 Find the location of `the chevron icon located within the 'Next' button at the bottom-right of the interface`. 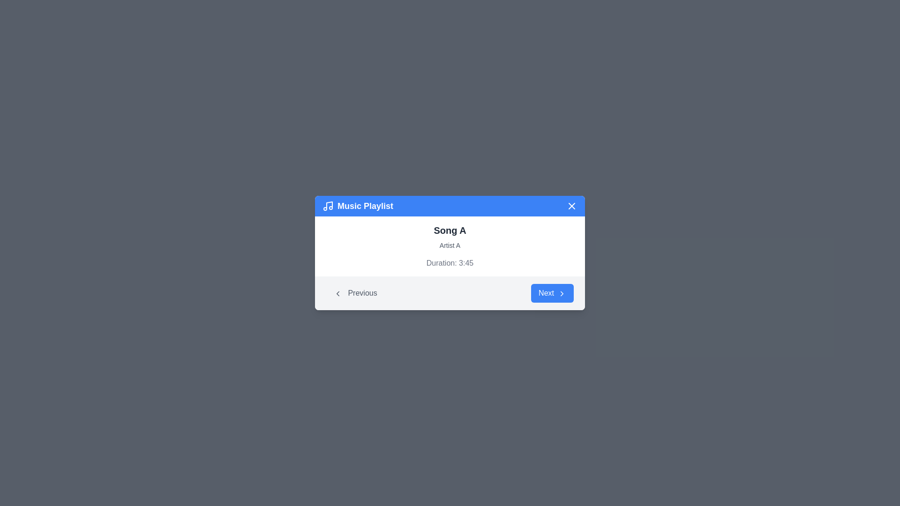

the chevron icon located within the 'Next' button at the bottom-right of the interface is located at coordinates (562, 292).